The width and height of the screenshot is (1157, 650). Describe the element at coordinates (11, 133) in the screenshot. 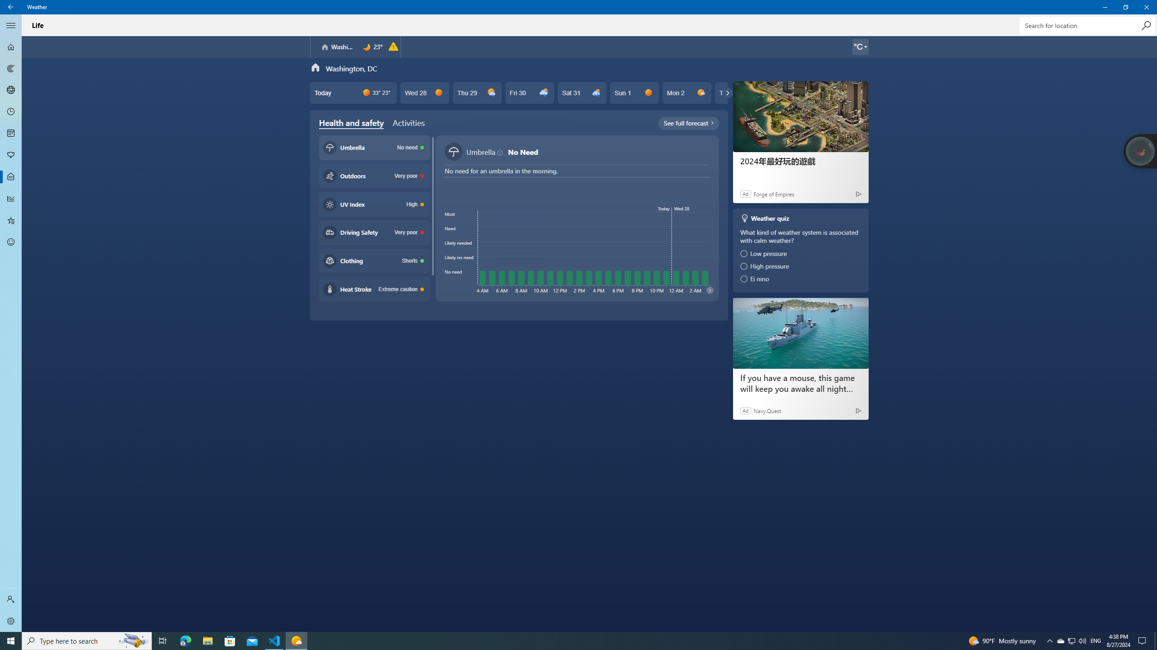

I see `'Monthly Forecast - Not Selected'` at that location.